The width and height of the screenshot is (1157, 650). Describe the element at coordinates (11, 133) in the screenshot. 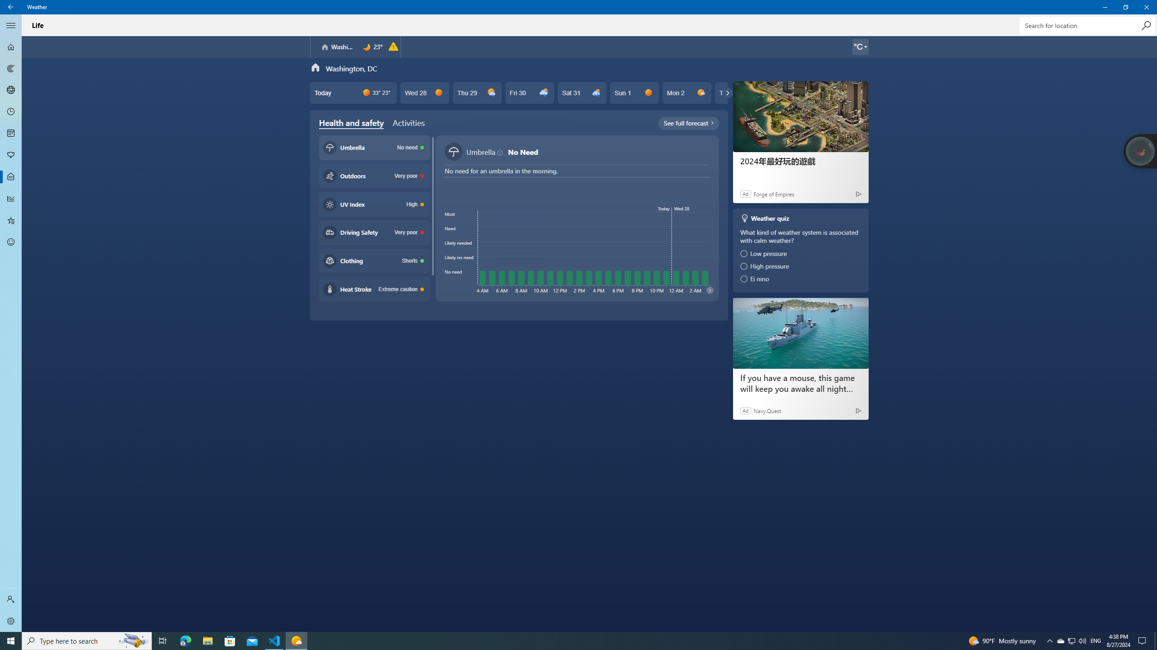

I see `'Monthly Forecast - Not Selected'` at that location.